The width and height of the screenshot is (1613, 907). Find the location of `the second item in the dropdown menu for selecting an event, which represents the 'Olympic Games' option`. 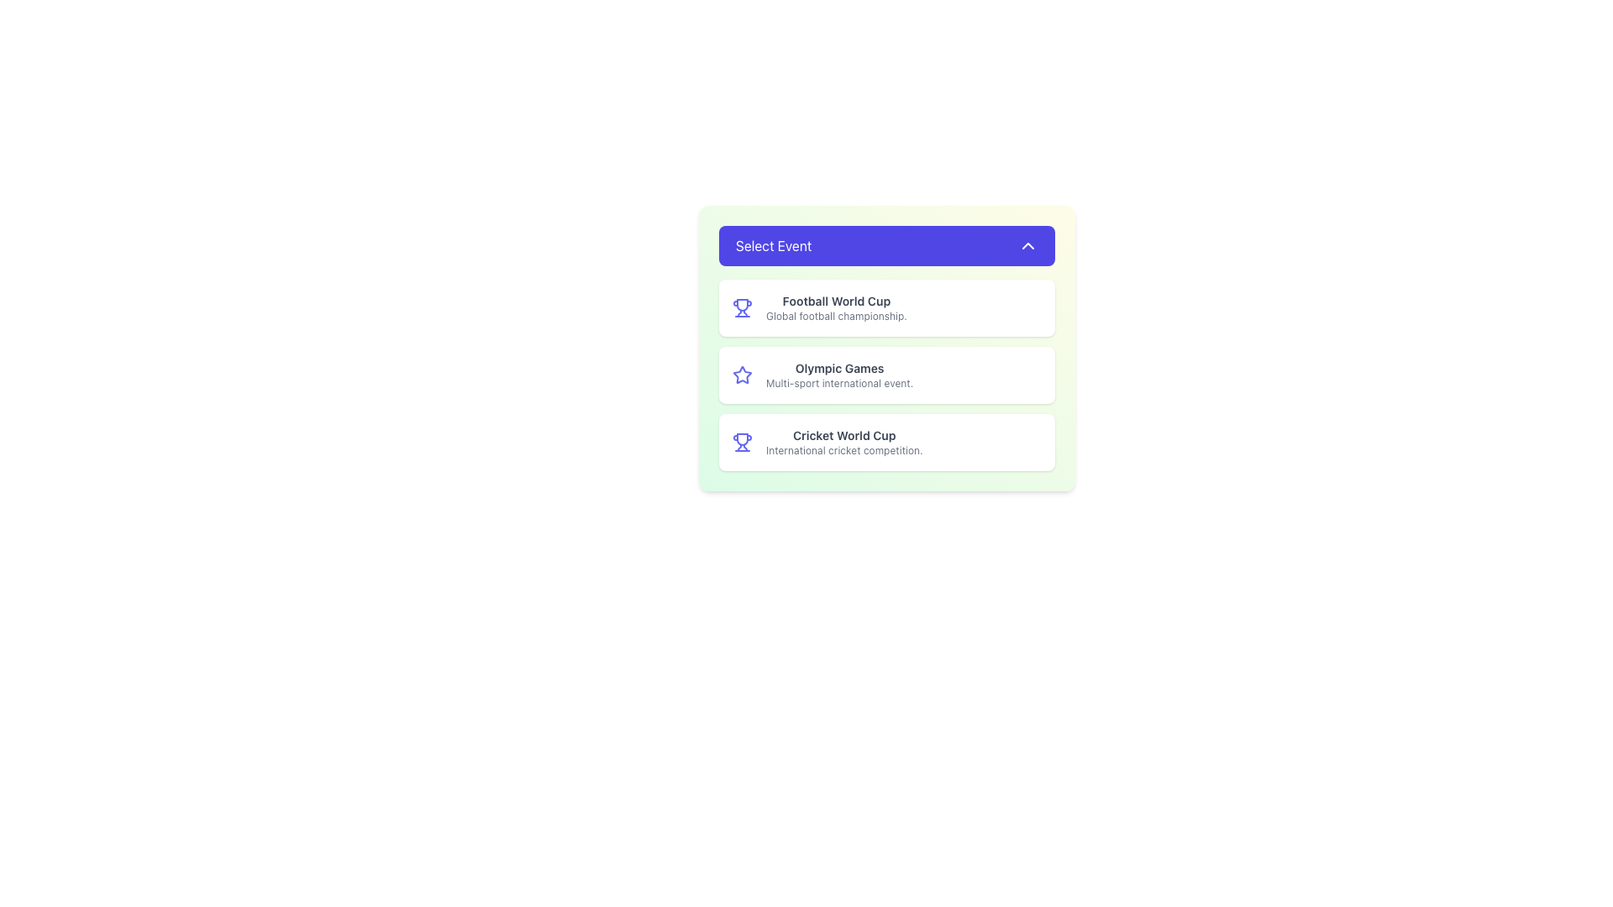

the second item in the dropdown menu for selecting an event, which represents the 'Olympic Games' option is located at coordinates (886, 348).